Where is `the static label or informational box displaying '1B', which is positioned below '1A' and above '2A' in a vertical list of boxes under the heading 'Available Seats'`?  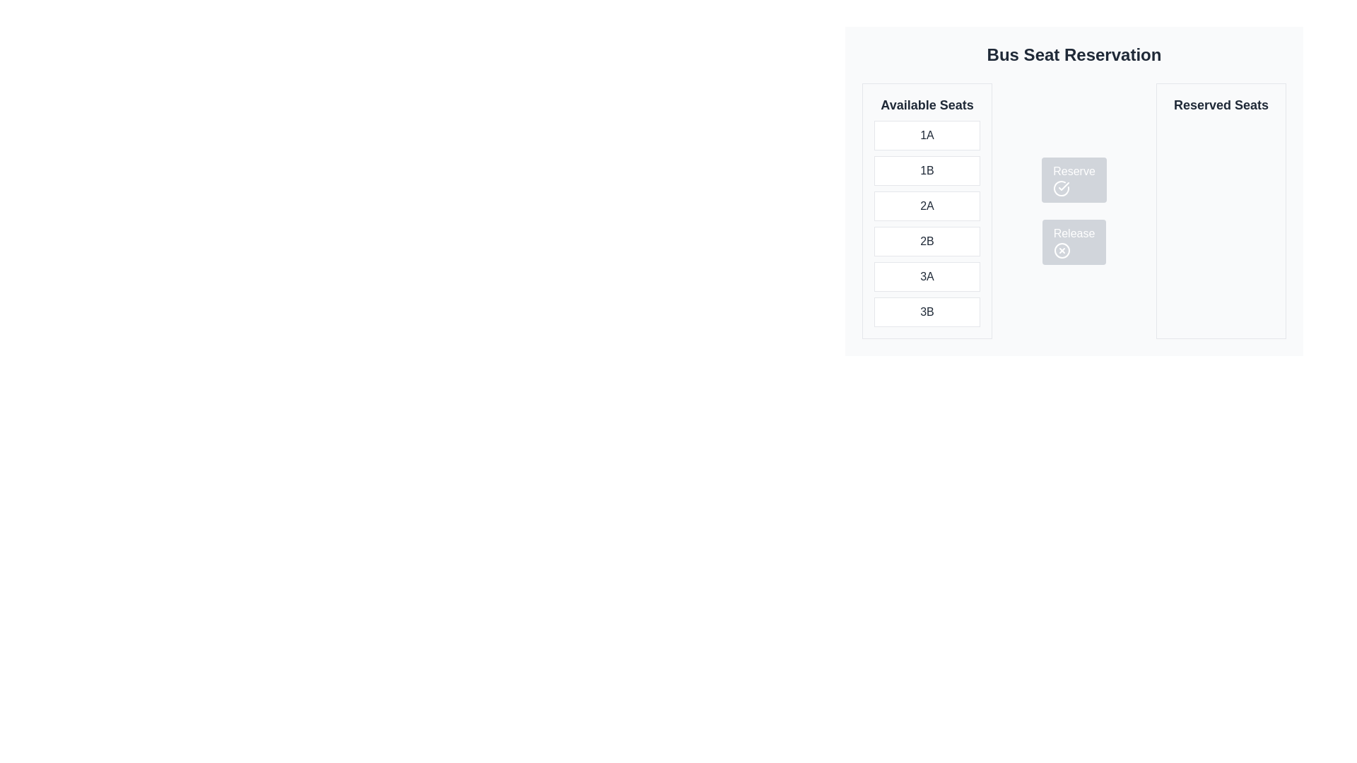
the static label or informational box displaying '1B', which is positioned below '1A' and above '2A' in a vertical list of boxes under the heading 'Available Seats' is located at coordinates (927, 170).